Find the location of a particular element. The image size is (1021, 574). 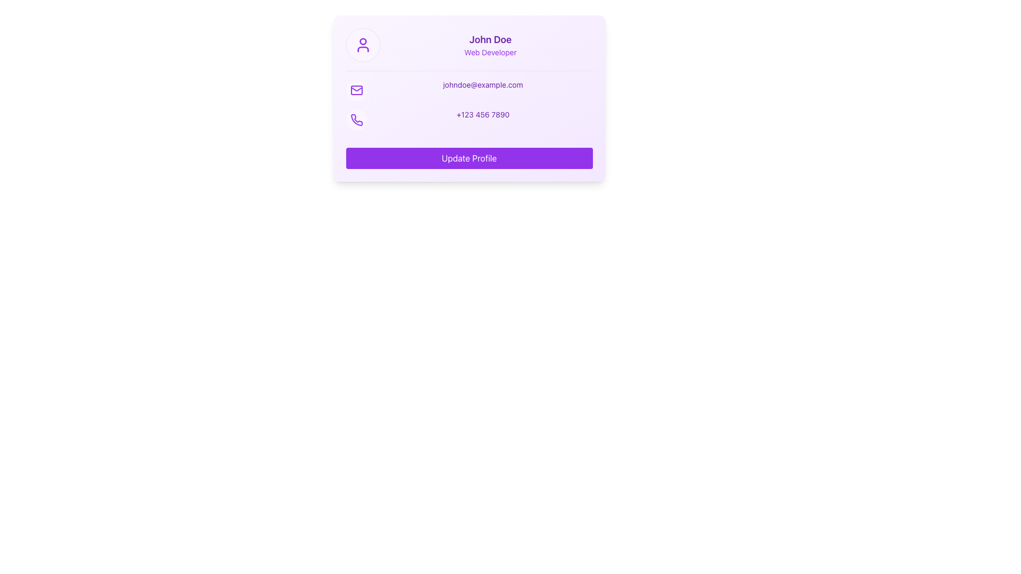

the Text Block displaying 'John Doe' and 'Web Developer' in purple font located in the upper central area of the card, beneath the user profile picture icon is located at coordinates (490, 44).